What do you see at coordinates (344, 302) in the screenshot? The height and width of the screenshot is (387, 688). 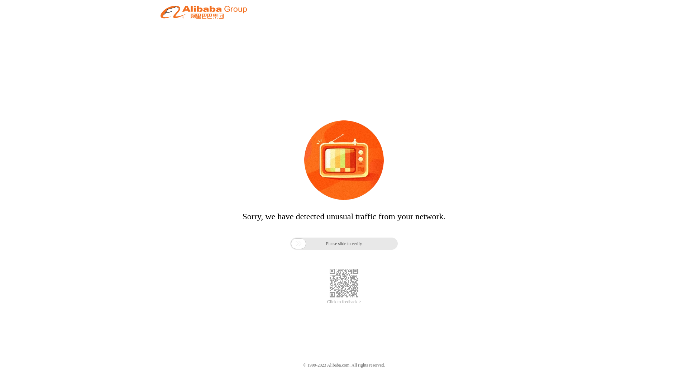 I see `'Click to feedback >'` at bounding box center [344, 302].